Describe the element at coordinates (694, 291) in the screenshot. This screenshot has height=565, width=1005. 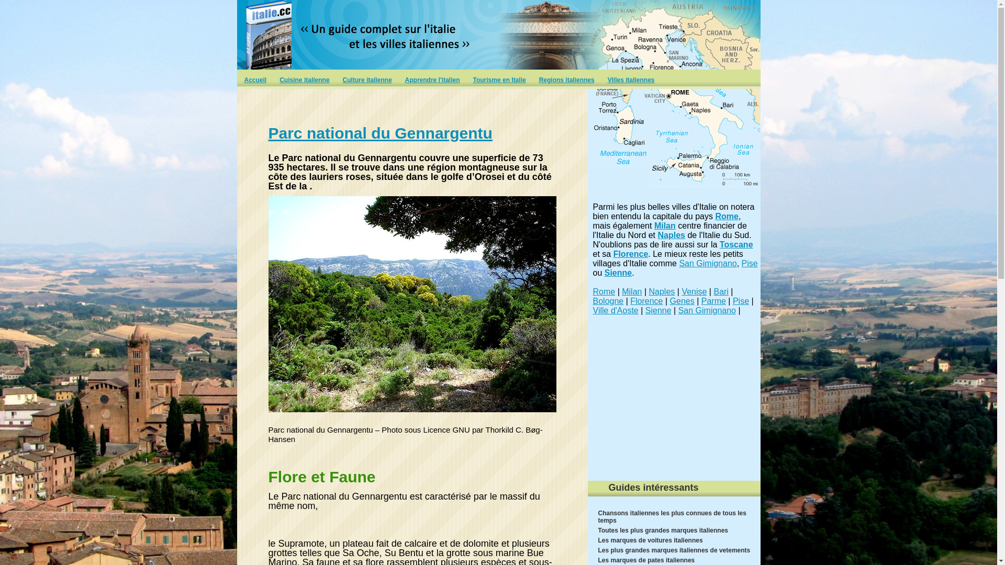
I see `'Venise'` at that location.